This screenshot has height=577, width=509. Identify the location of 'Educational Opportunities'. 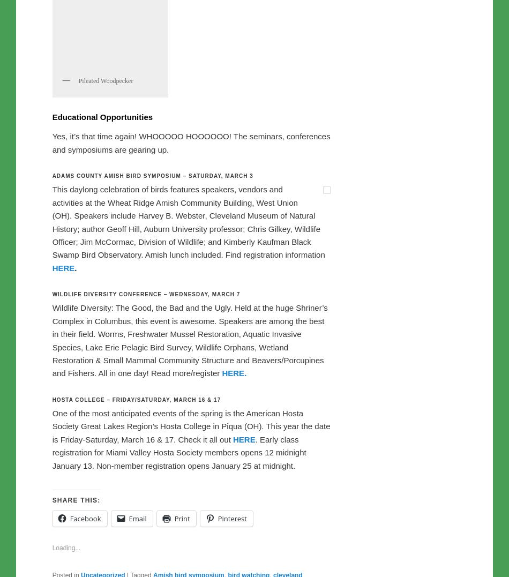
(102, 341).